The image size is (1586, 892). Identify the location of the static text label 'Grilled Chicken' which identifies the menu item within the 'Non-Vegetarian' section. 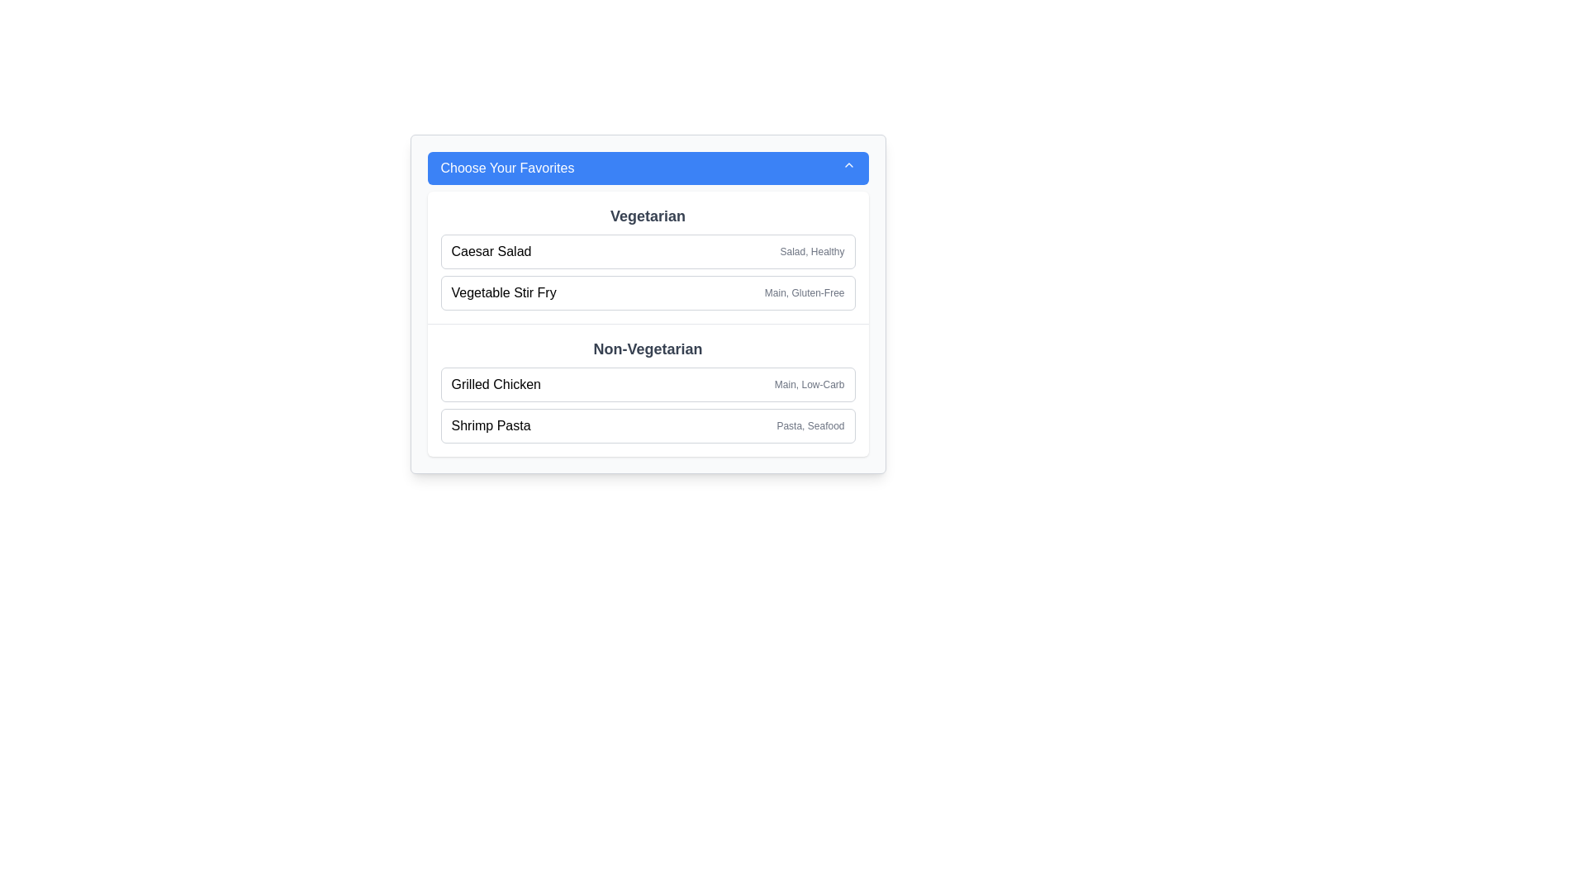
(495, 385).